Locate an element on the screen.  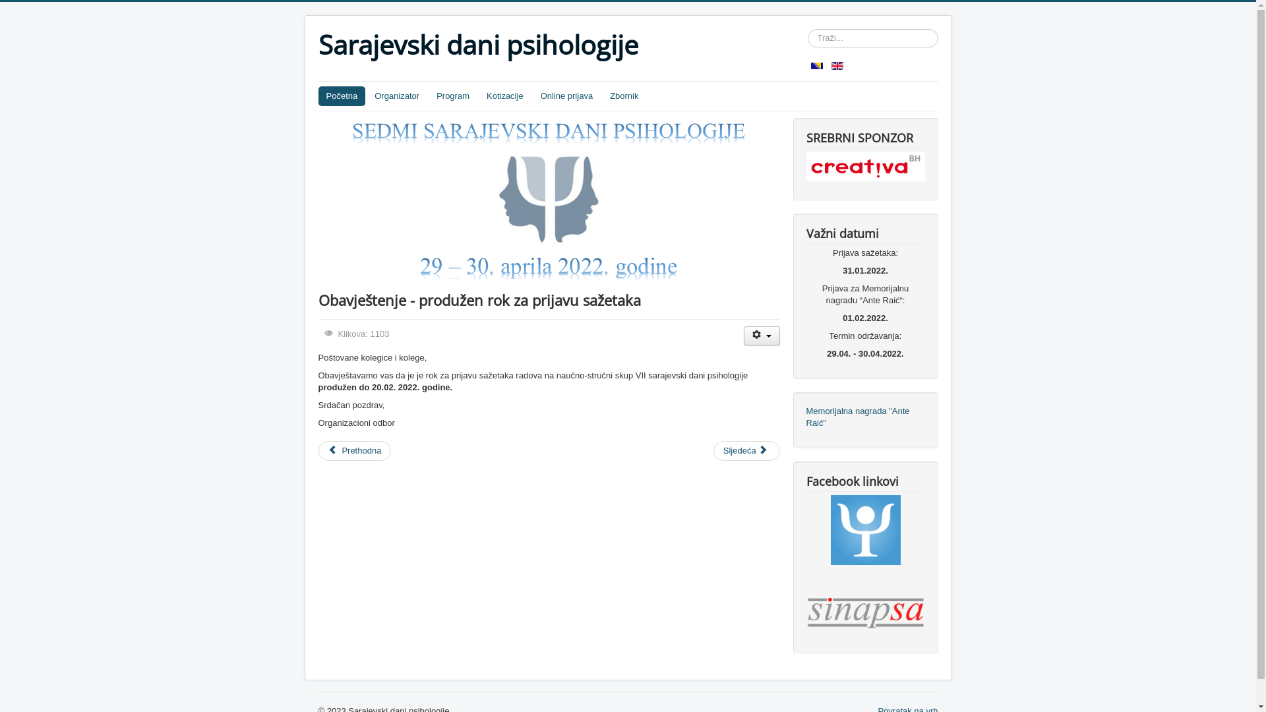
'English (United Kingdom)' is located at coordinates (837, 66).